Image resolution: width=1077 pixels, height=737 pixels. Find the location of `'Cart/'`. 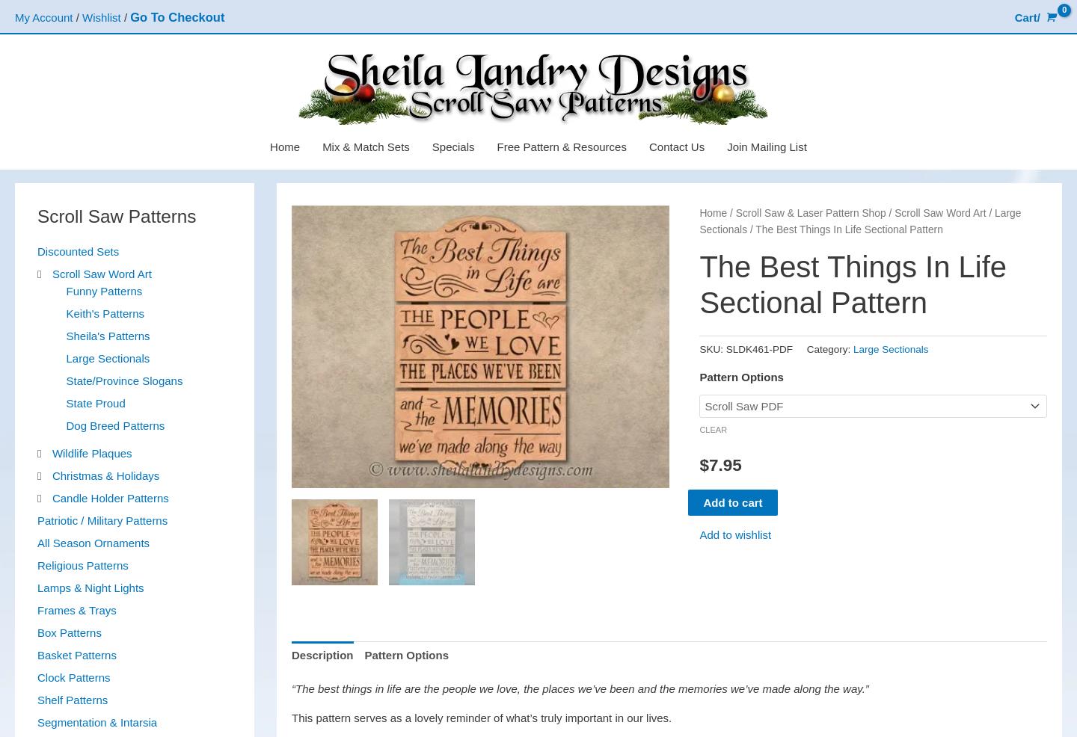

'Cart/' is located at coordinates (1013, 16).